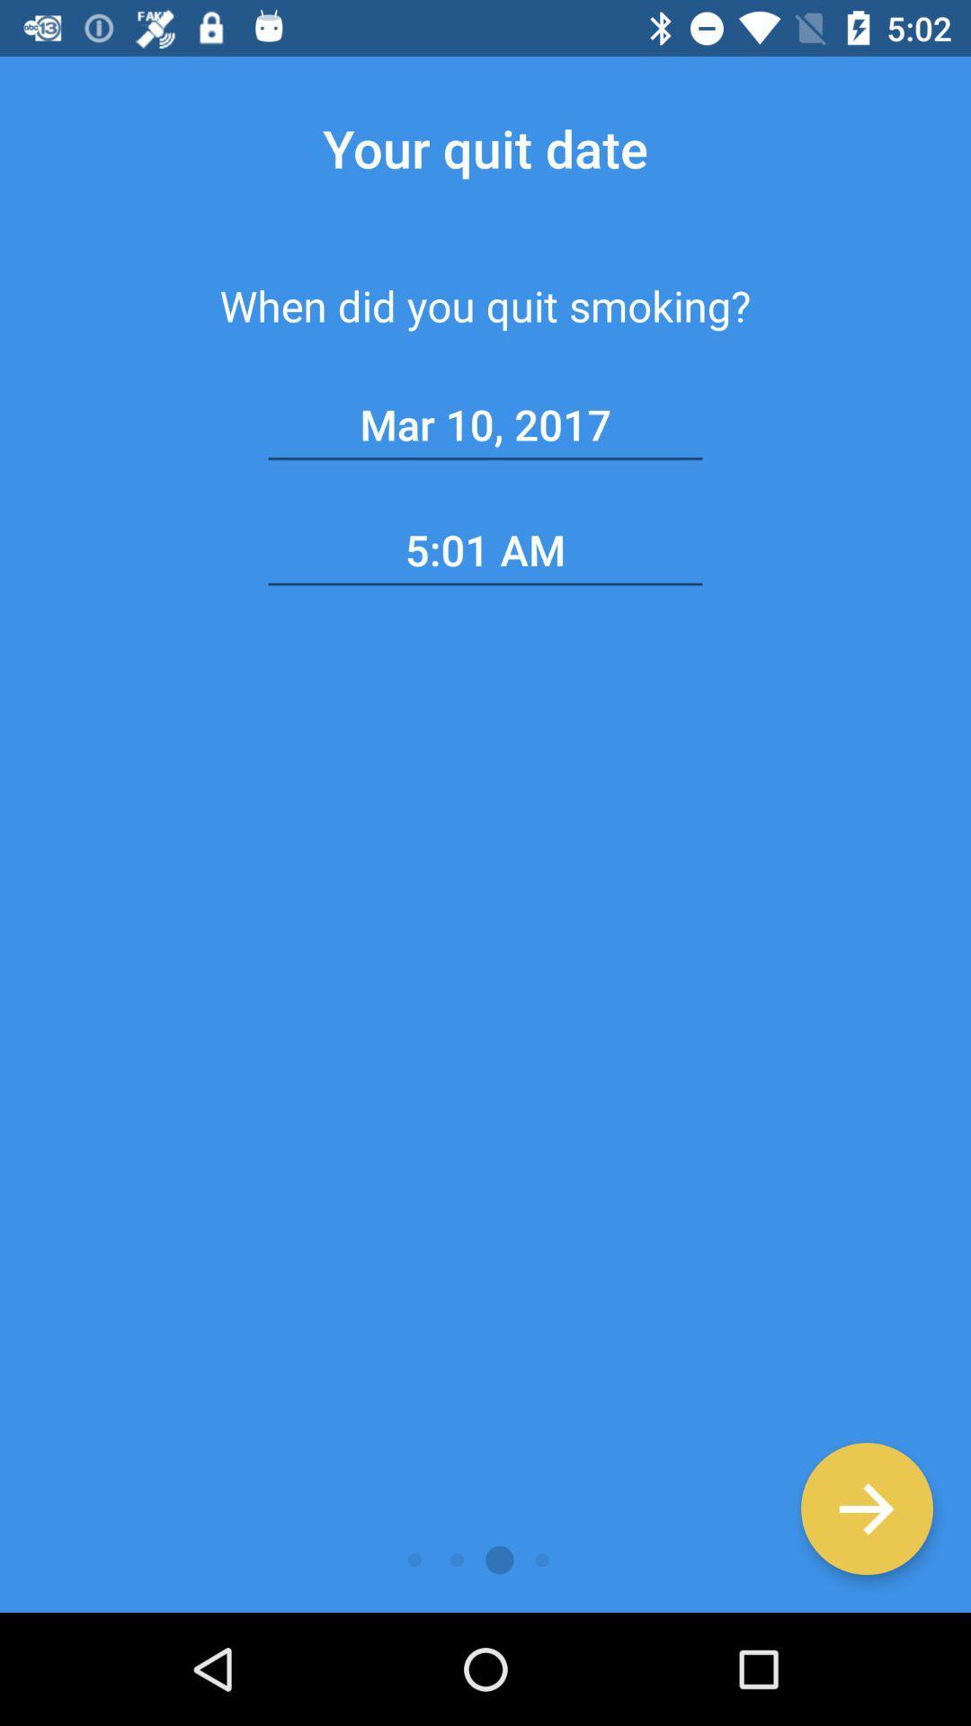  Describe the element at coordinates (866, 1508) in the screenshot. I see `the icon at the bottom right corner` at that location.